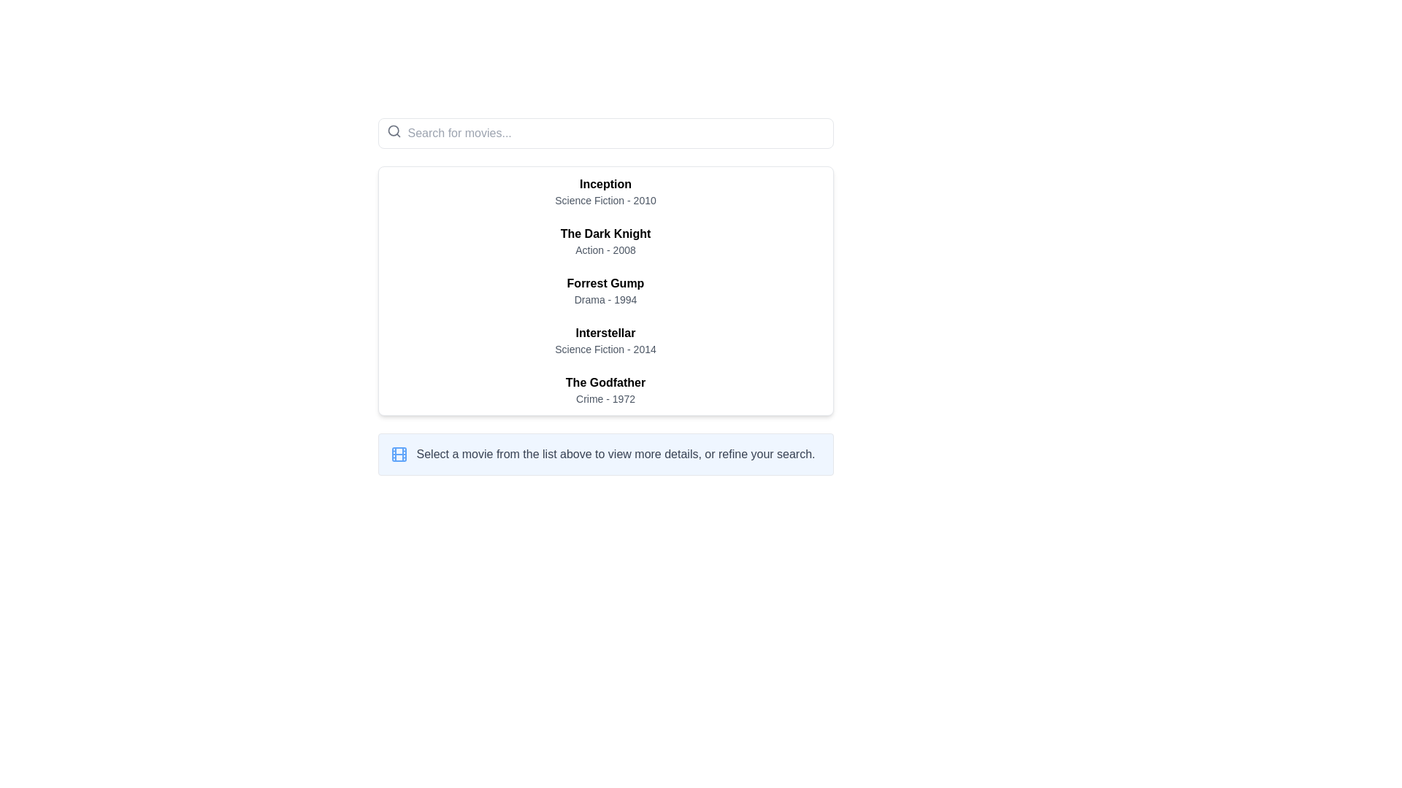 The image size is (1402, 788). Describe the element at coordinates (394, 131) in the screenshot. I see `the magnifying-glass icon located to the left of the search input field at the top-center of the interface` at that location.